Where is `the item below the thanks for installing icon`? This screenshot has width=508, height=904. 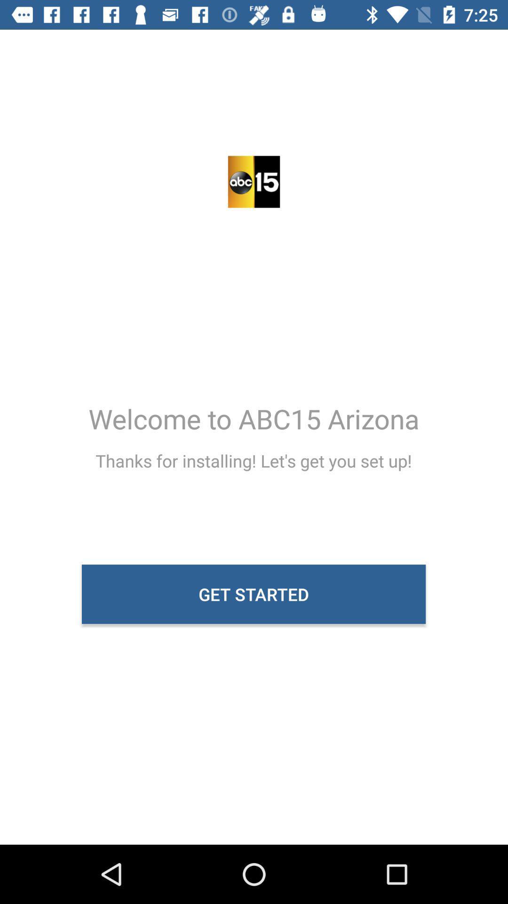
the item below the thanks for installing icon is located at coordinates (253, 594).